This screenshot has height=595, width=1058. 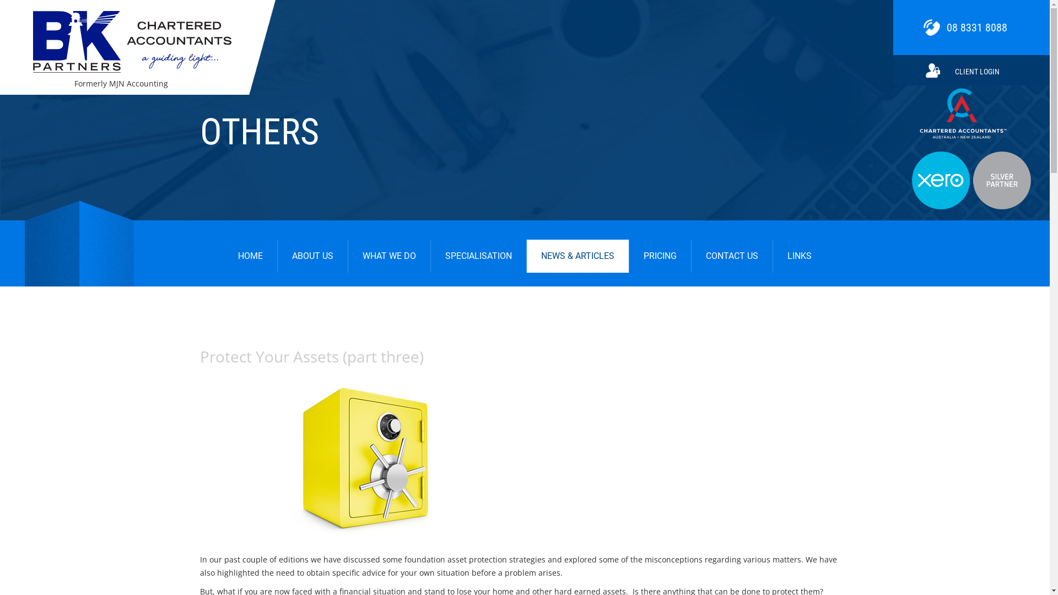 I want to click on 'CLIENT LOGIN', so click(x=971, y=70).